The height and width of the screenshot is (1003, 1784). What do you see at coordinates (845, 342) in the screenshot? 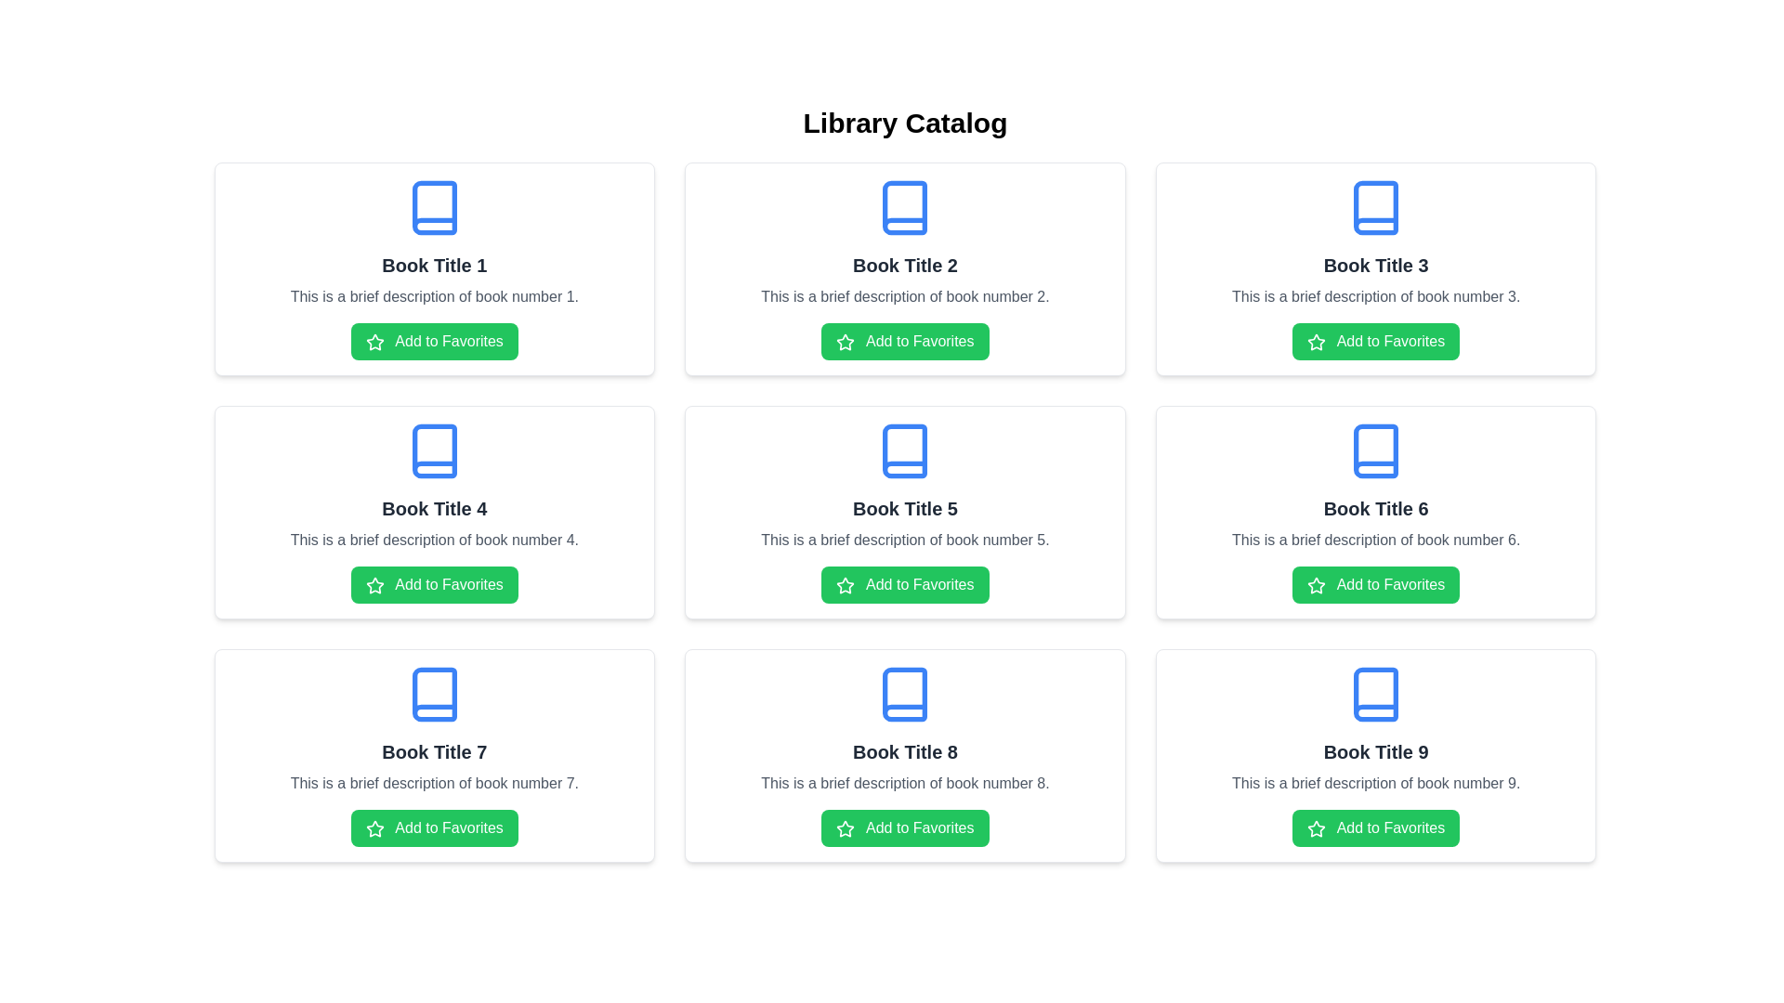
I see `the star icon which is part of the 'Add to Favorites' button in the second card of the first row to interact with it` at bounding box center [845, 342].